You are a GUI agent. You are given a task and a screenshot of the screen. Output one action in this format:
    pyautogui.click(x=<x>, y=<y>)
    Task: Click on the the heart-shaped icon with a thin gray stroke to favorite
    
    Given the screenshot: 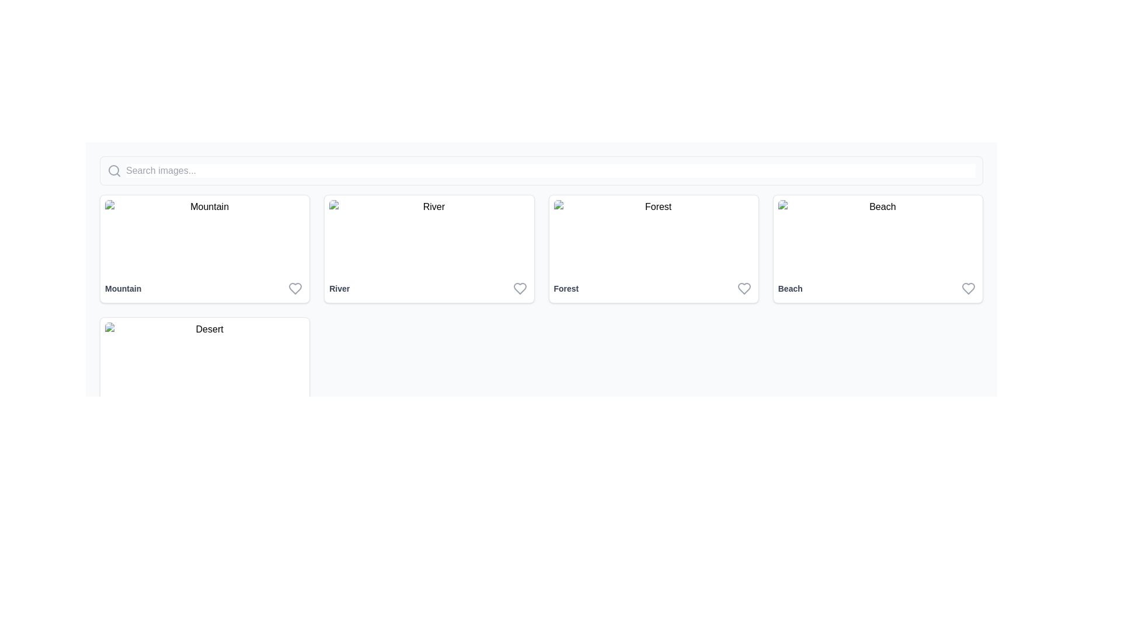 What is the action you would take?
    pyautogui.click(x=969, y=288)
    